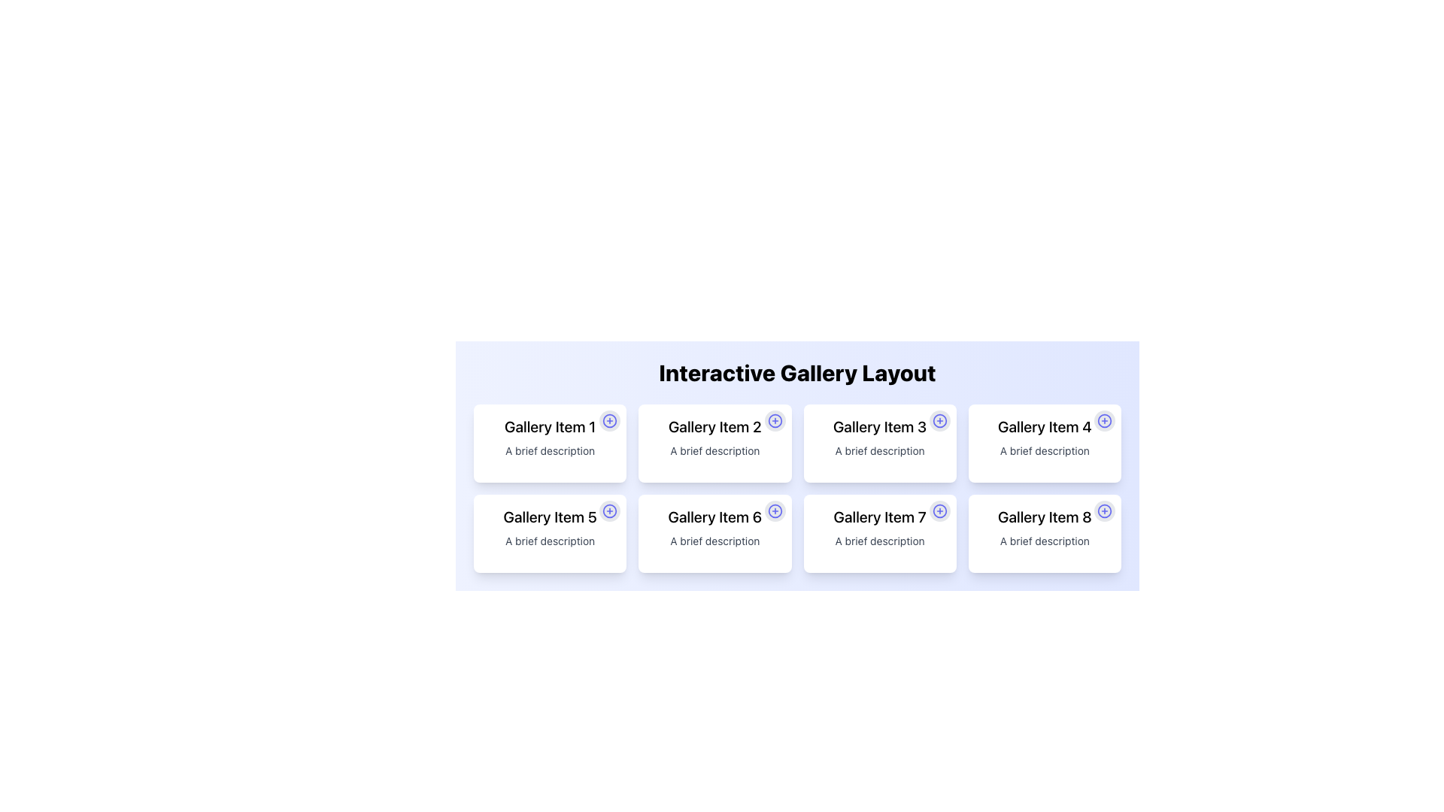 The height and width of the screenshot is (812, 1444). What do you see at coordinates (1044, 541) in the screenshot?
I see `the text element containing the phrase 'A brief description', which is styled with a small gray font and located within the card labeled 'Gallery Item 8'` at bounding box center [1044, 541].